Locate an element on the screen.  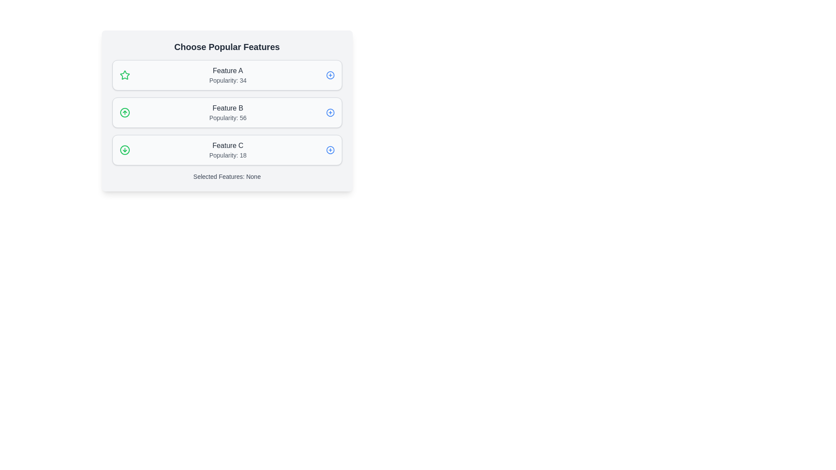
the feature card Feature B by clicking on it is located at coordinates (227, 112).